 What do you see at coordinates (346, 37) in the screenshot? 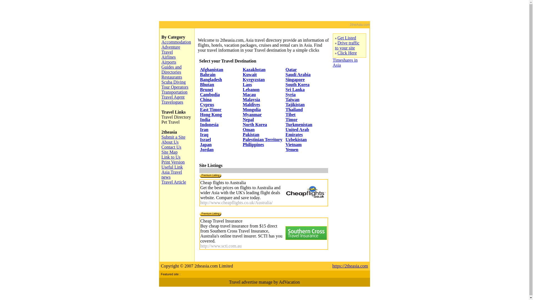
I see `'Get Listed'` at bounding box center [346, 37].